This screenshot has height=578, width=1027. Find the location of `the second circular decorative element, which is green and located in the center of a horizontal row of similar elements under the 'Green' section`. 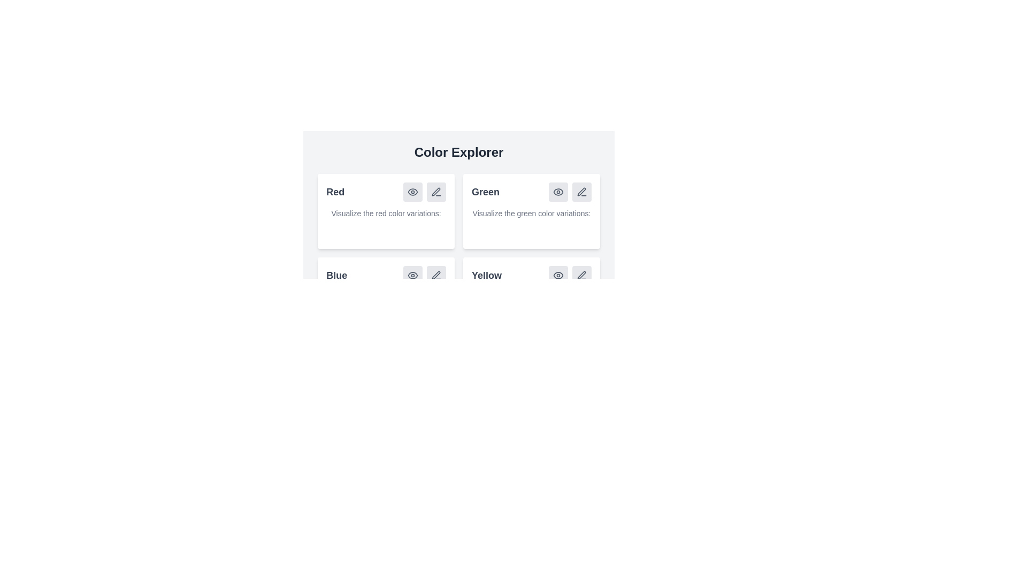

the second circular decorative element, which is green and located in the center of a horizontal row of similar elements under the 'Green' section is located at coordinates (501, 231).